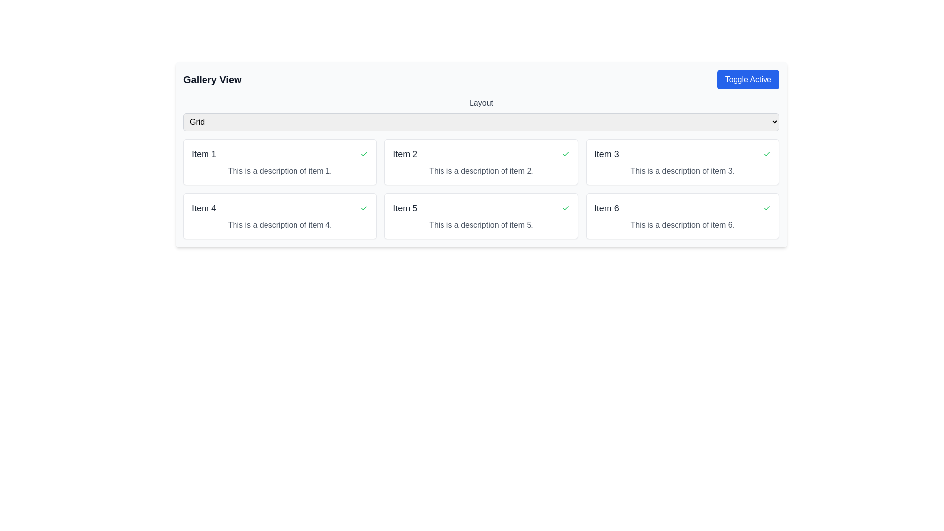 The width and height of the screenshot is (944, 531). I want to click on the small, tick-shaped icon with a green outline next to the text 'Item 5' to confirm an action or toggle a state, so click(565, 208).